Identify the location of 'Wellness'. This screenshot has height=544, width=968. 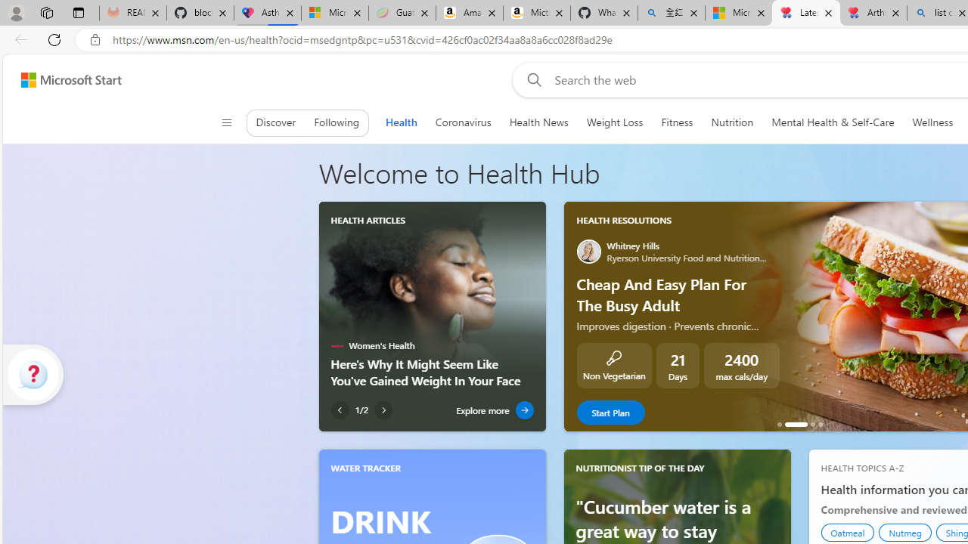
(932, 122).